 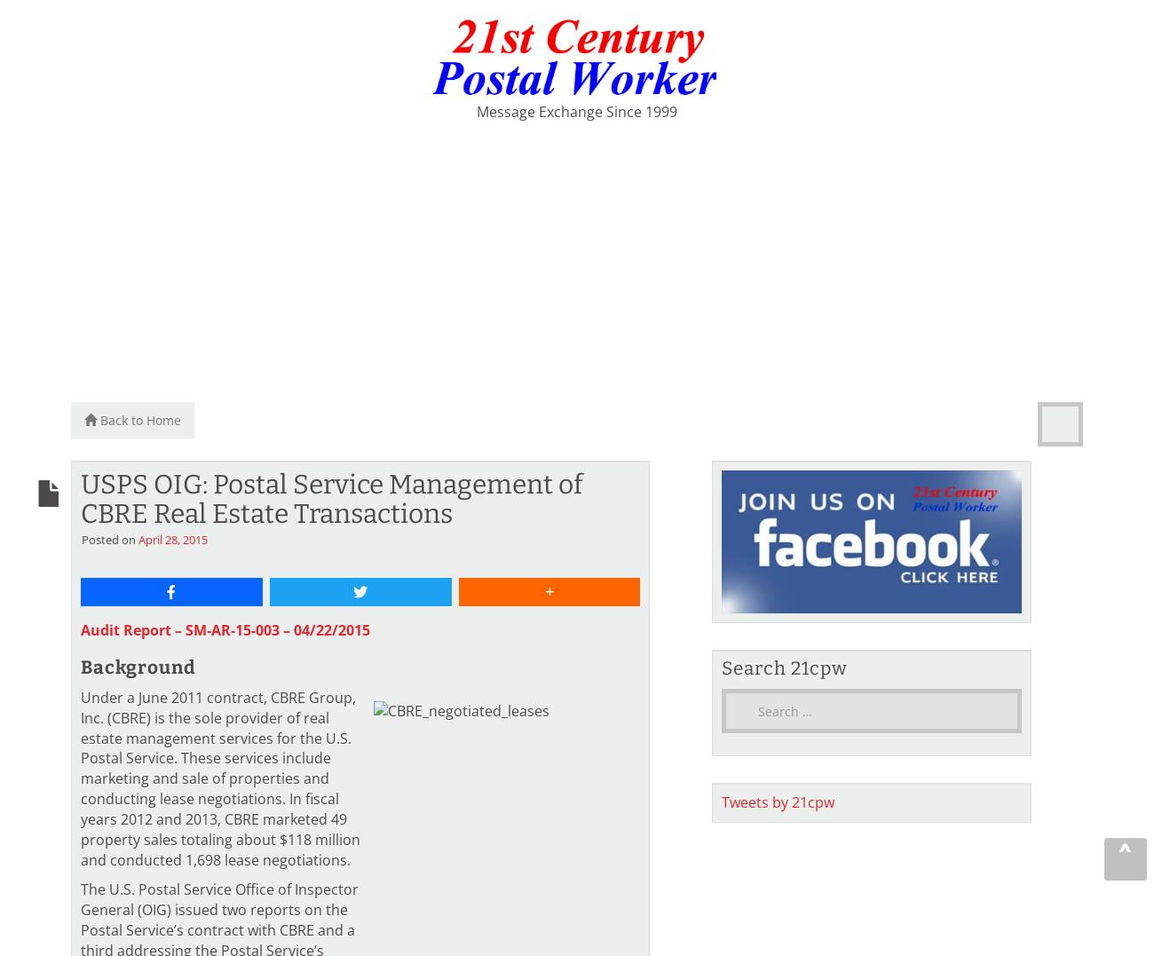 I want to click on 'Under a June 2011 contract, CBRE Group, Inc. (CBRE) is the sole provider of real estate management services for the U.S. Postal Service. These services include marketing and sale of properties and conducting lease negotiations. In fiscal years 2012 and 2013, CBRE marketed 49 property sales totaling about $118 million and conducted 1,698 lease negotiations.', so click(x=219, y=778).